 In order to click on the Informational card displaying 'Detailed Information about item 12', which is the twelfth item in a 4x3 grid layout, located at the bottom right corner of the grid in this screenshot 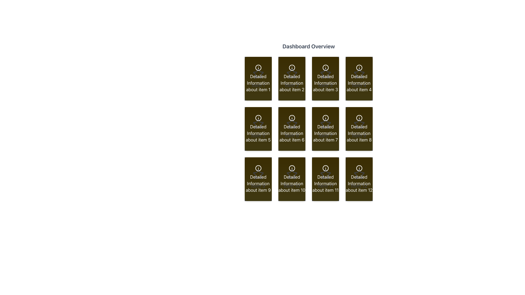, I will do `click(359, 179)`.